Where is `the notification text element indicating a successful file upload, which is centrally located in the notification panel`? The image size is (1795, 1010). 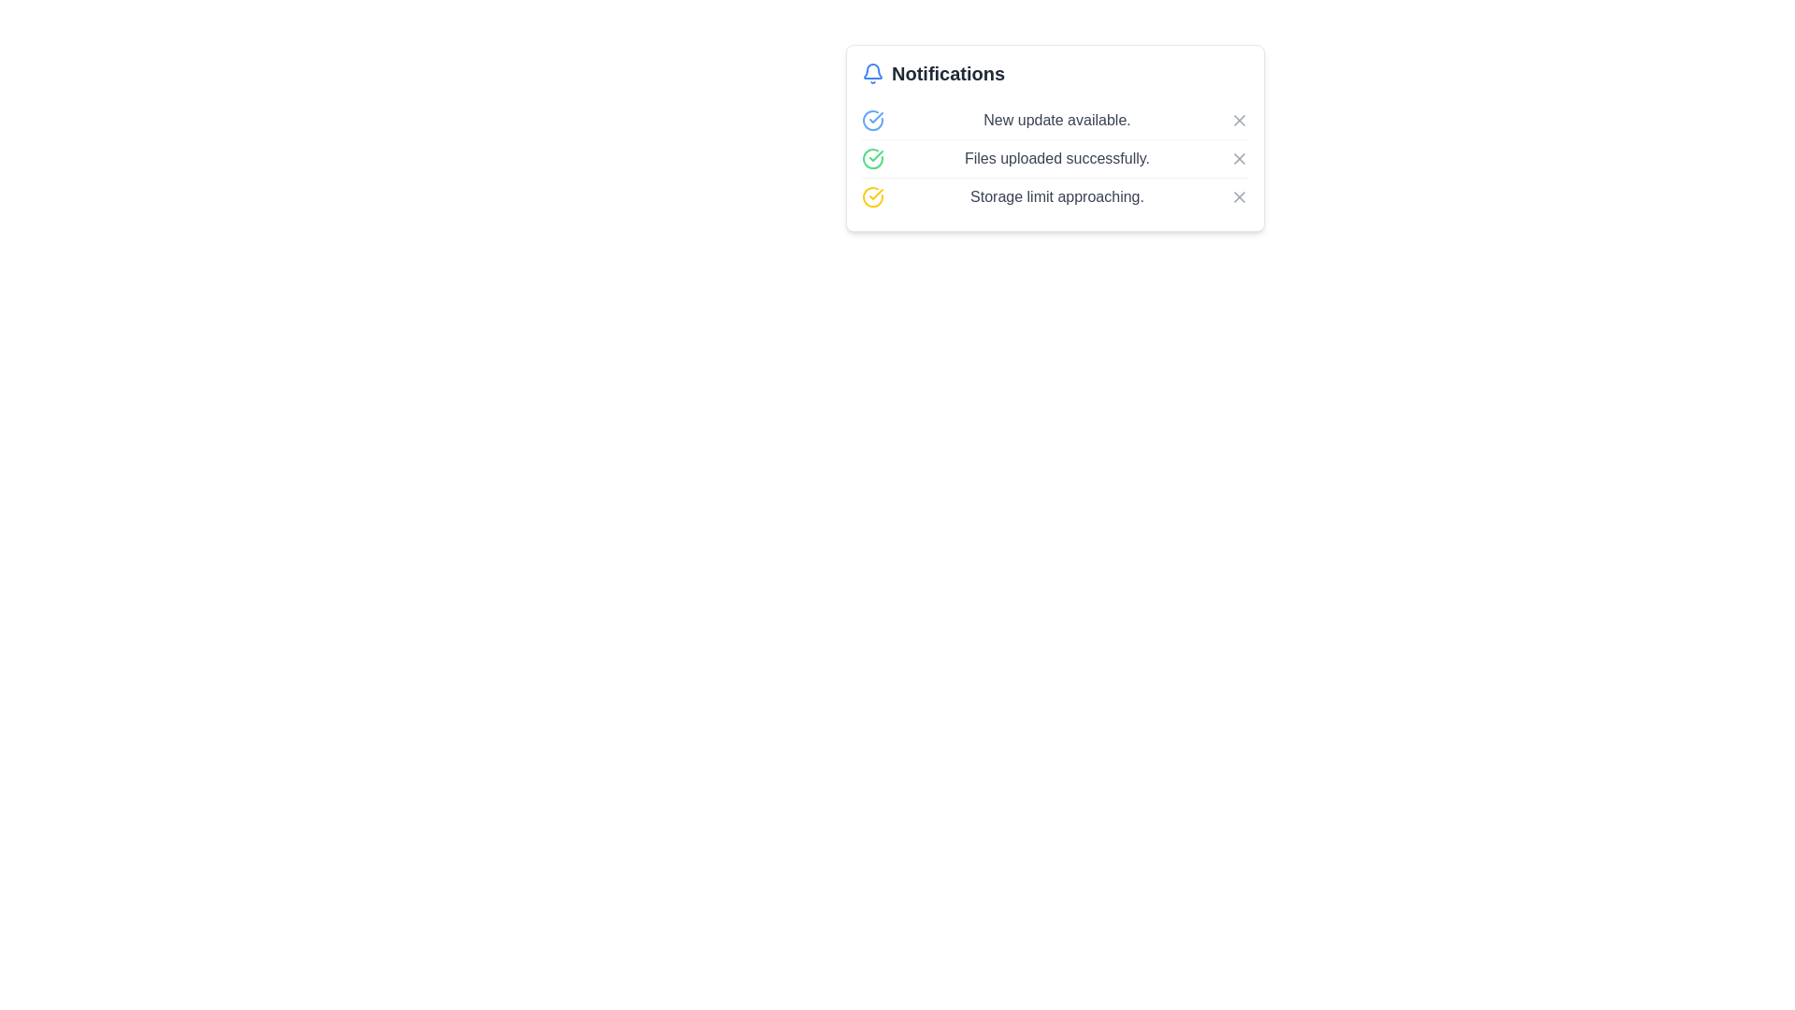 the notification text element indicating a successful file upload, which is centrally located in the notification panel is located at coordinates (1057, 157).